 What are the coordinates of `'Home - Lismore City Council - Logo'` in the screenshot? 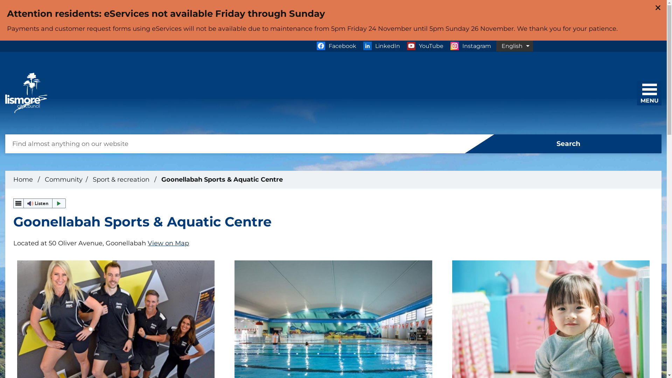 It's located at (26, 93).